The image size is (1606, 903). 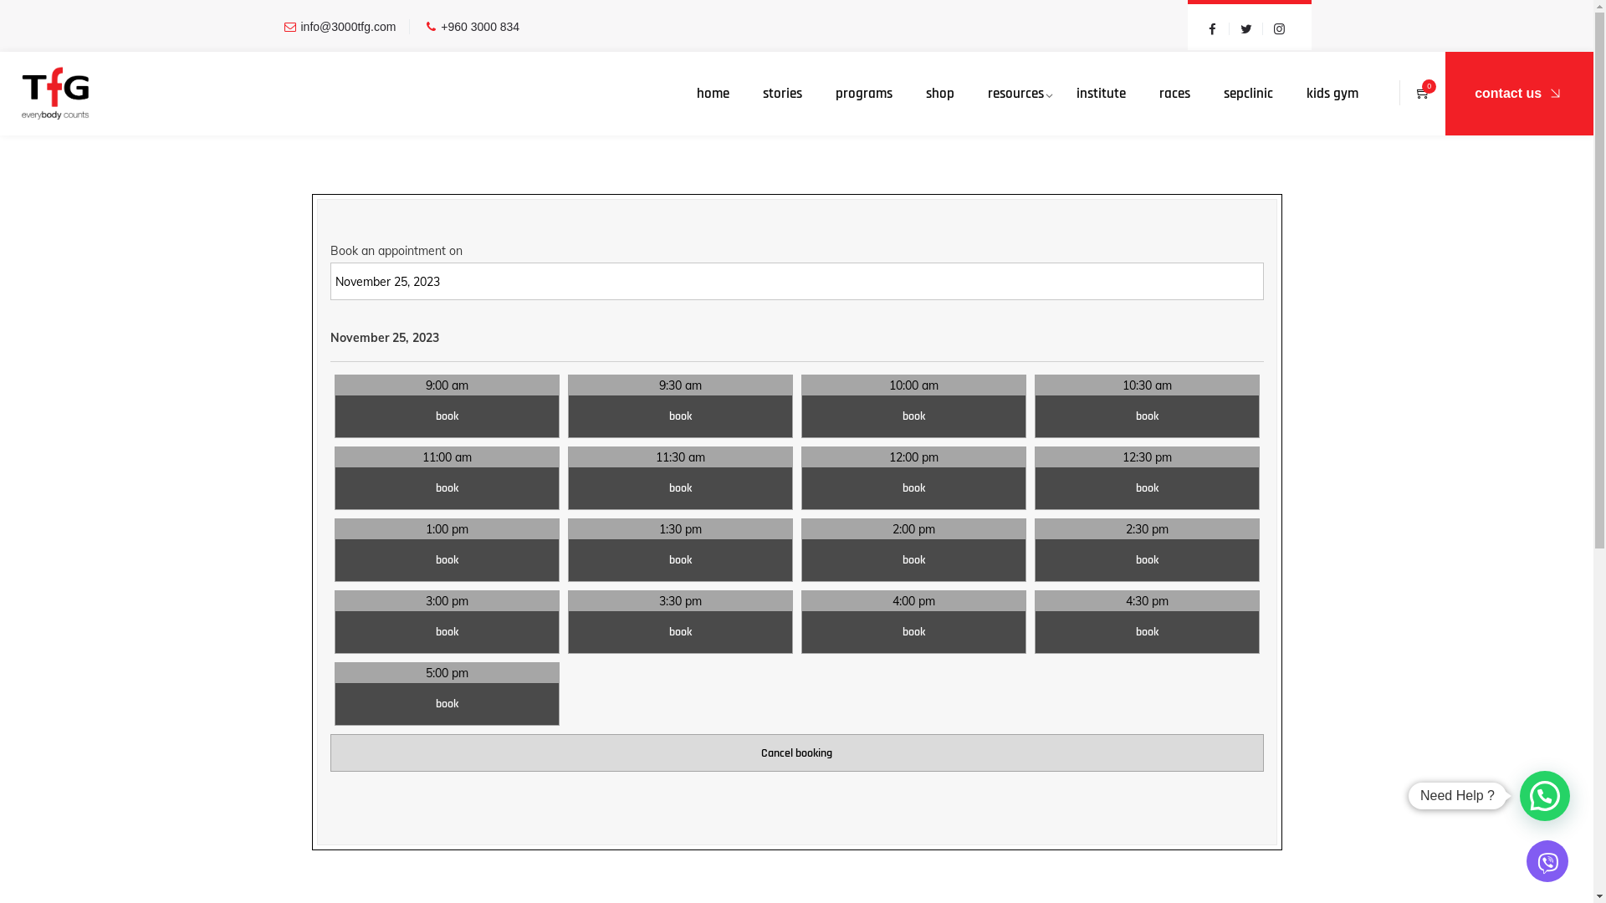 I want to click on 'stories', so click(x=781, y=93).